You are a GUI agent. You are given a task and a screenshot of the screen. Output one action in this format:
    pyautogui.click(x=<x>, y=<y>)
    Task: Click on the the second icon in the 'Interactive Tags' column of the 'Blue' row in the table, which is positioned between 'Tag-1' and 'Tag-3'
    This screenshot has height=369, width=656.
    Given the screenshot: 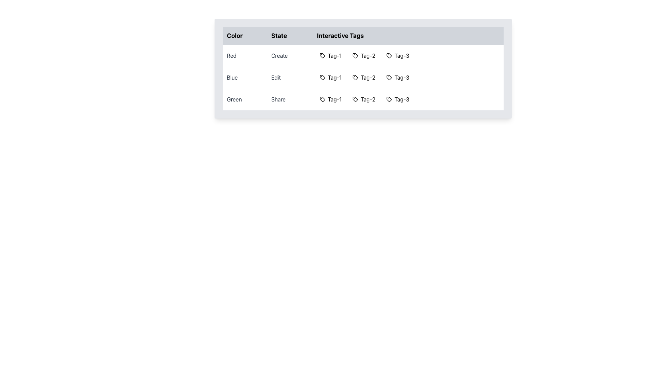 What is the action you would take?
    pyautogui.click(x=355, y=77)
    